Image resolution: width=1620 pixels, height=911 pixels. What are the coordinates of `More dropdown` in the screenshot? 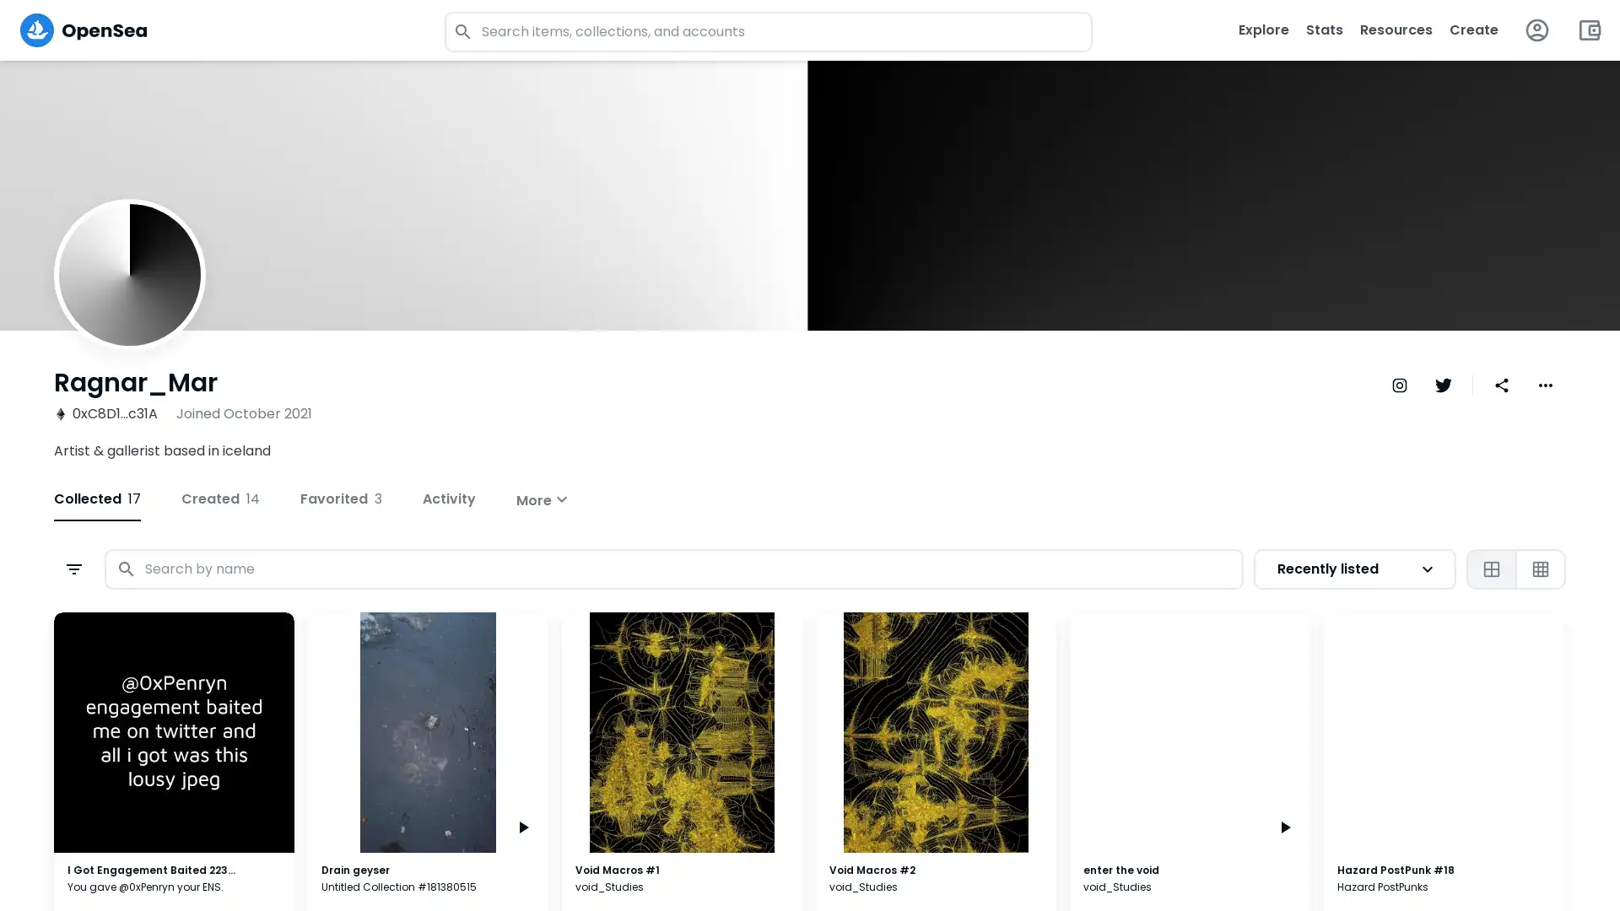 It's located at (1546, 384).